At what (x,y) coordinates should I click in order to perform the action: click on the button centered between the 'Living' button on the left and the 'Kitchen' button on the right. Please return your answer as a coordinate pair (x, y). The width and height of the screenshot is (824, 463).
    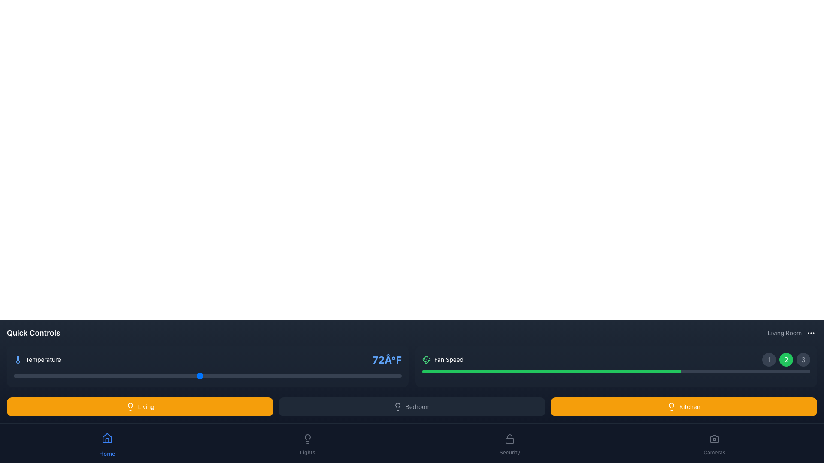
    Looking at the image, I should click on (412, 406).